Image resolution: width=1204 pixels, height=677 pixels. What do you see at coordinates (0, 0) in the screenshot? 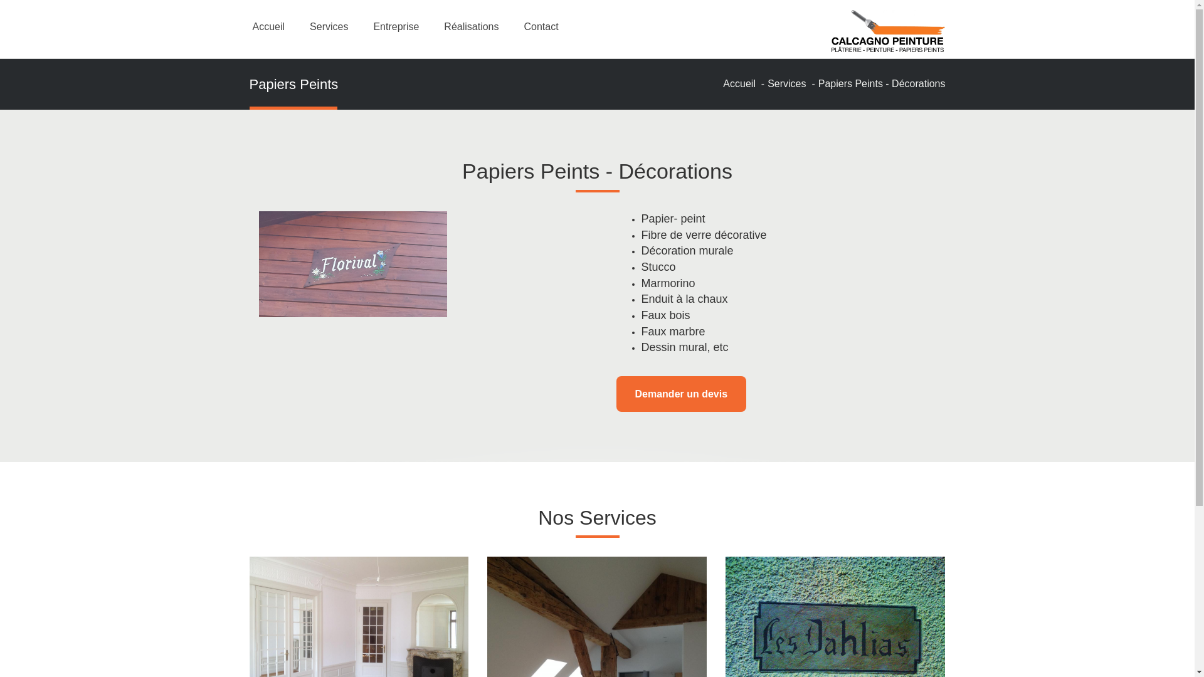
I see `'Aller au contenu principal'` at bounding box center [0, 0].